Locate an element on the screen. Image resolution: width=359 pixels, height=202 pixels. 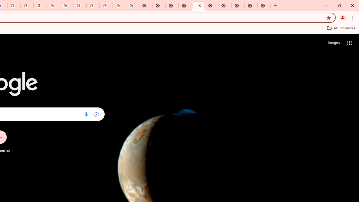
'Search by image' is located at coordinates (96, 114).